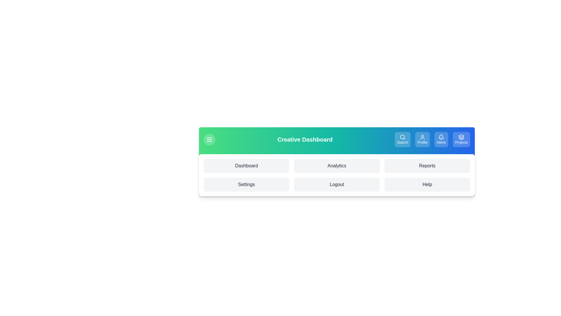 Image resolution: width=561 pixels, height=316 pixels. What do you see at coordinates (461, 140) in the screenshot?
I see `the button labeled Projects to view its hover effect` at bounding box center [461, 140].